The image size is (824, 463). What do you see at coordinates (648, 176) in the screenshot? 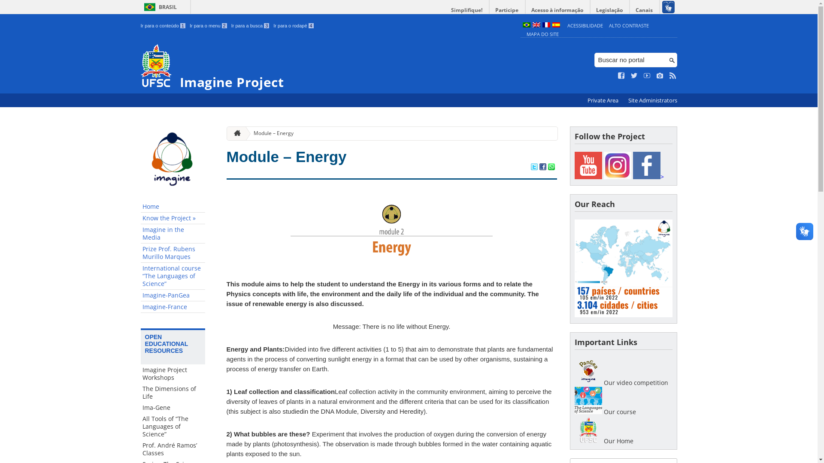
I see `'>'` at bounding box center [648, 176].